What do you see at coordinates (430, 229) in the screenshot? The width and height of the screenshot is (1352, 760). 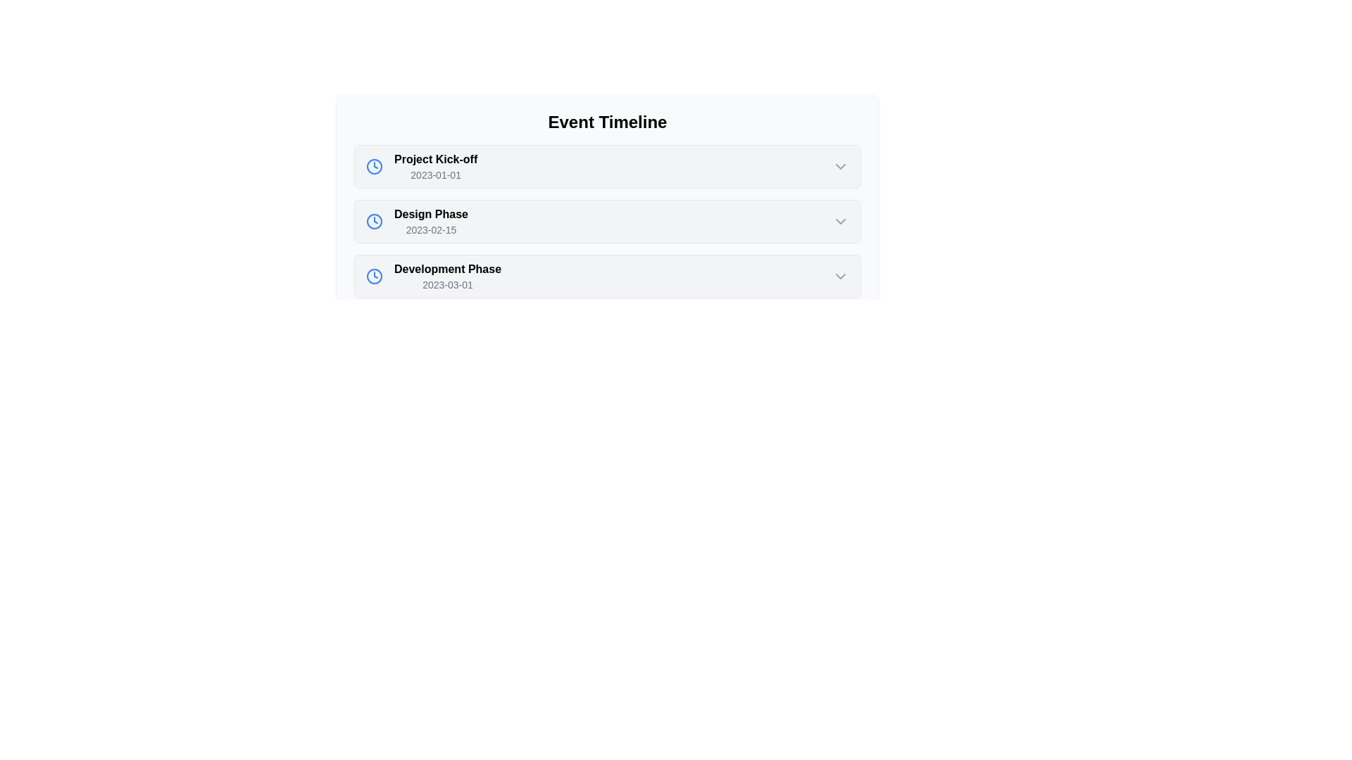 I see `the static text displaying the date '2023-02-15', located below the 'Design Phase' title in the second event entry of the timeline` at bounding box center [430, 229].